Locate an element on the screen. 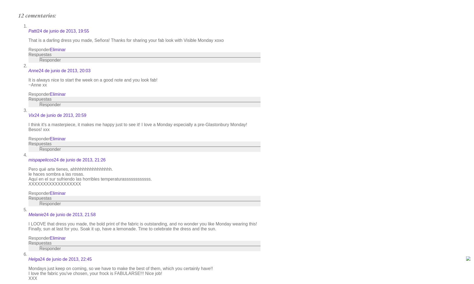  '12 comentarios:' is located at coordinates (37, 15).